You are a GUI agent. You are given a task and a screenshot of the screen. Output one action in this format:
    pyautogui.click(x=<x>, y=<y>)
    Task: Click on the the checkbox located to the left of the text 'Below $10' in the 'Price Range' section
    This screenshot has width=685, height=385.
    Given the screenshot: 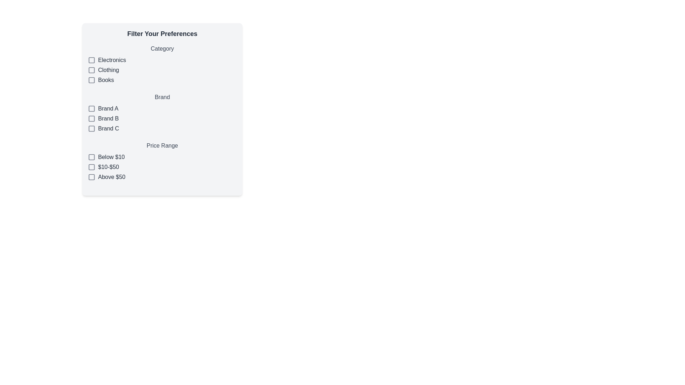 What is the action you would take?
    pyautogui.click(x=91, y=156)
    